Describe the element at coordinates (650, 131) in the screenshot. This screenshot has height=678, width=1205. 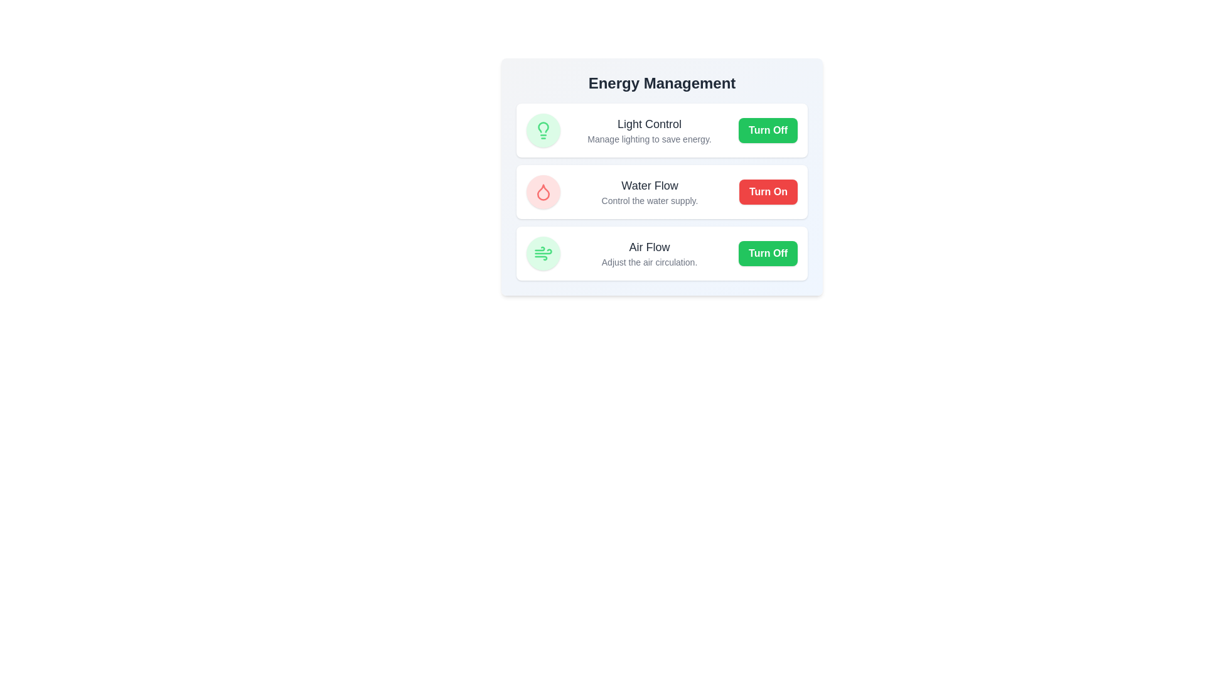
I see `the Informational Label titled 'Light Control' that describes lighting management and energy saving` at that location.